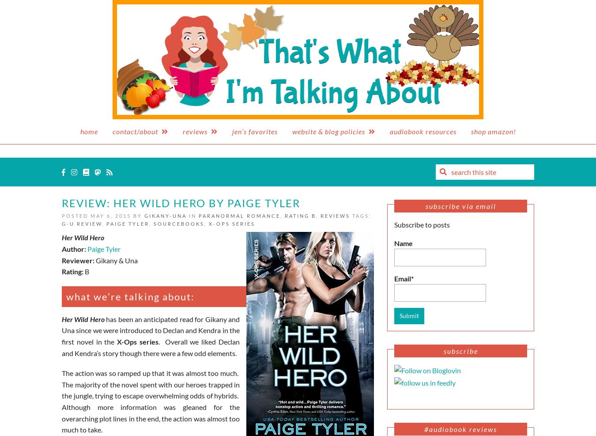 Image resolution: width=596 pixels, height=436 pixels. What do you see at coordinates (75, 248) in the screenshot?
I see `'Author:'` at bounding box center [75, 248].